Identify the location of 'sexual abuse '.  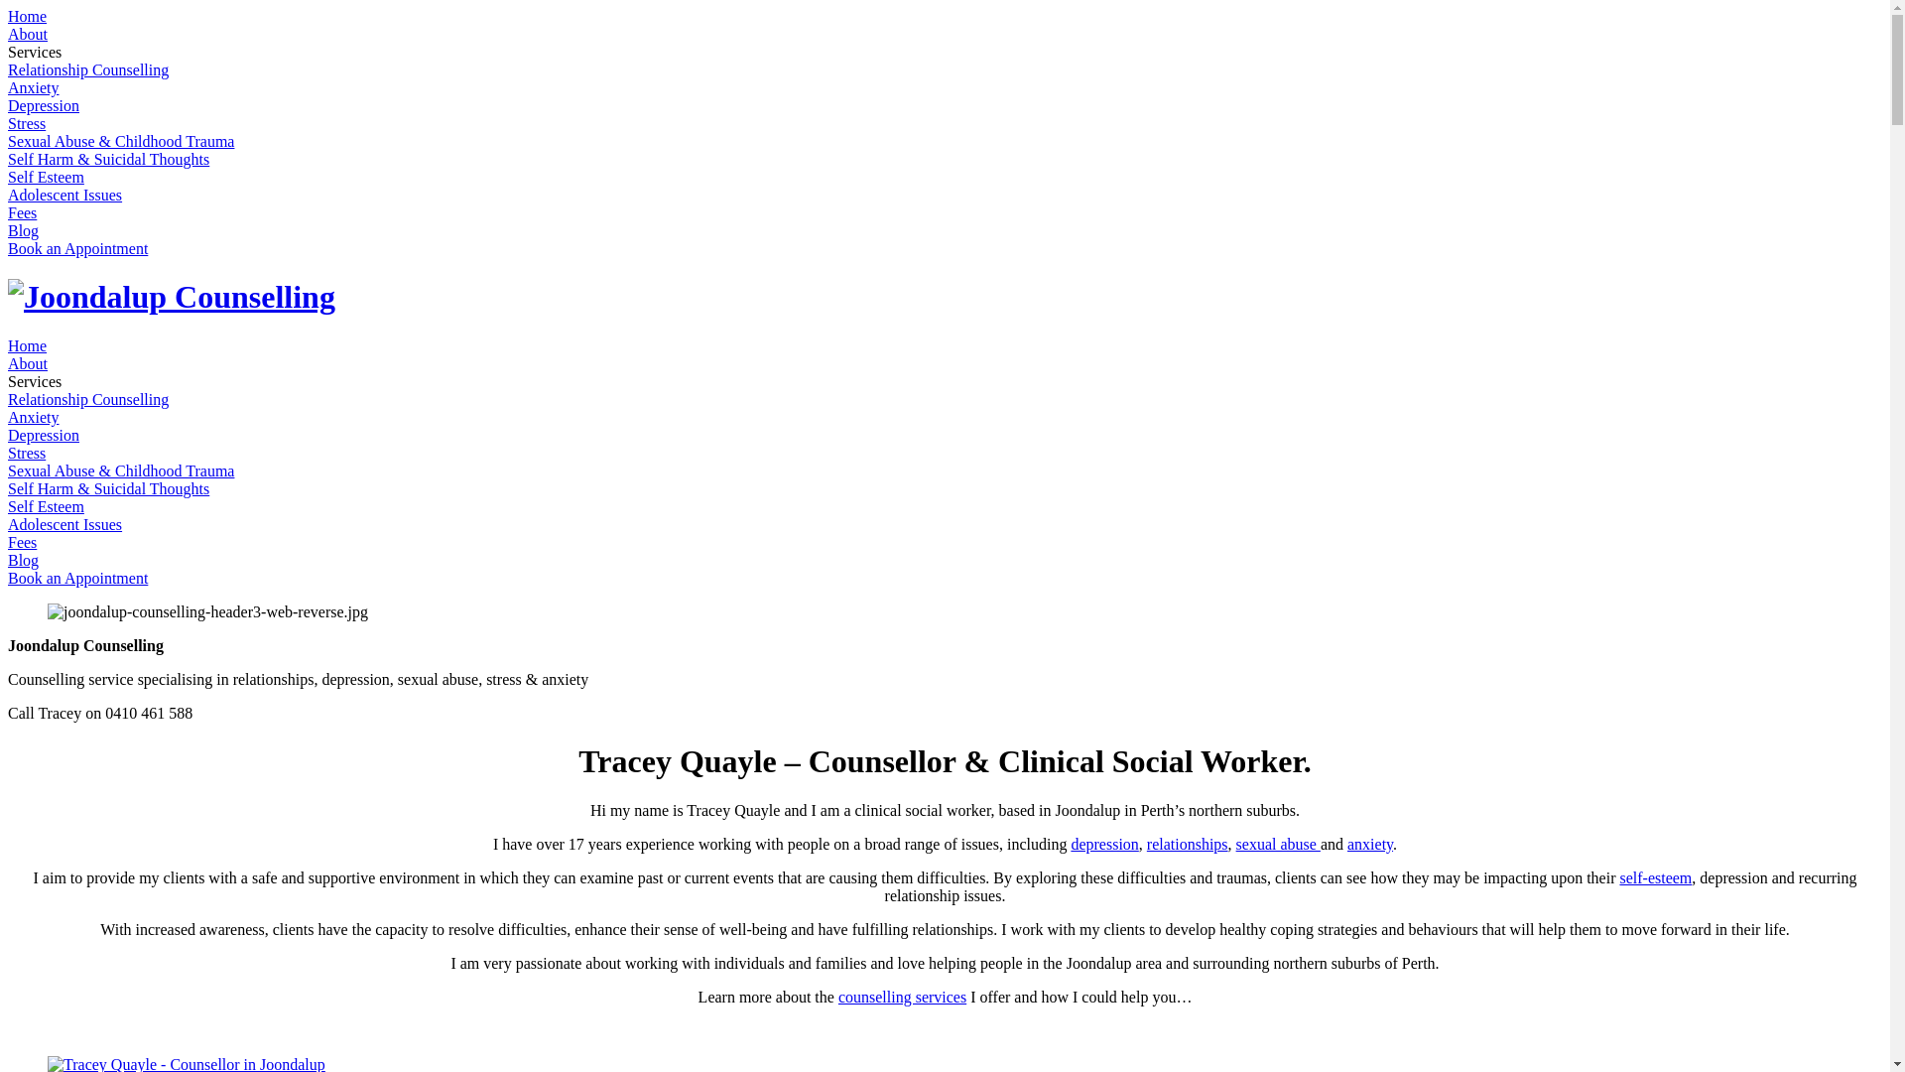
(1278, 844).